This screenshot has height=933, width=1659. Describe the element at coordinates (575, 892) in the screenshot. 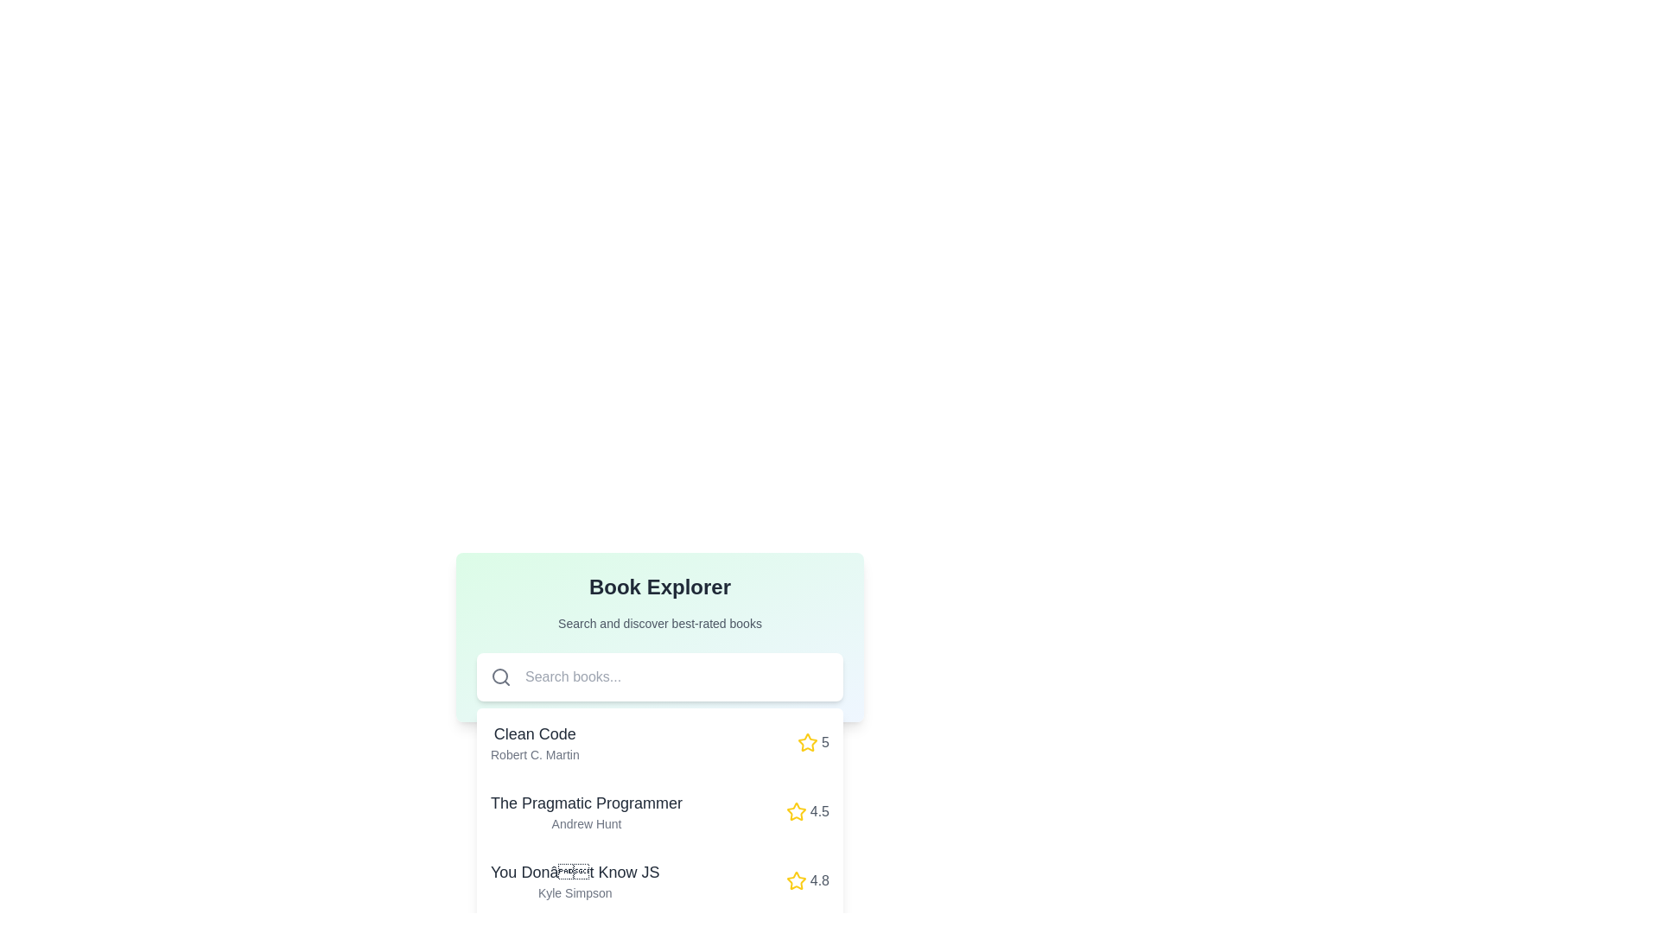

I see `text content of the small-sized text label displaying 'Kyle Simpson' in light gray font, located in the third row of the book list below the title 'You Don’t Know JS'` at that location.